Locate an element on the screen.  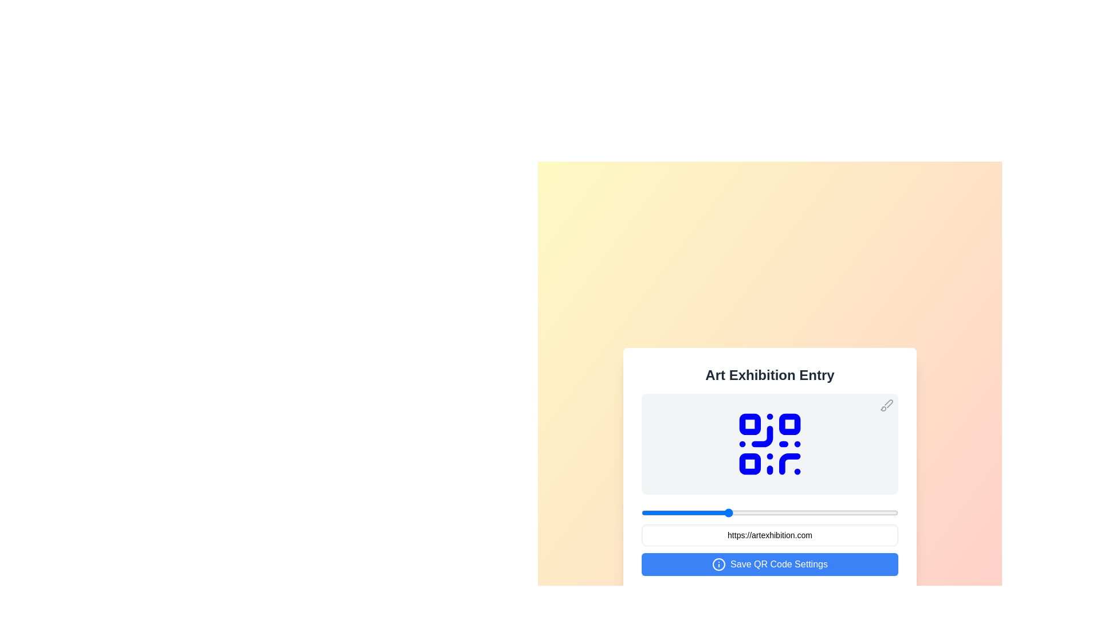
the small rectangular dark blue icon with rounded corners located in the bottom-left corner of the QR code within the 'Art Exhibition Entry' dialog box is located at coordinates (750, 463).